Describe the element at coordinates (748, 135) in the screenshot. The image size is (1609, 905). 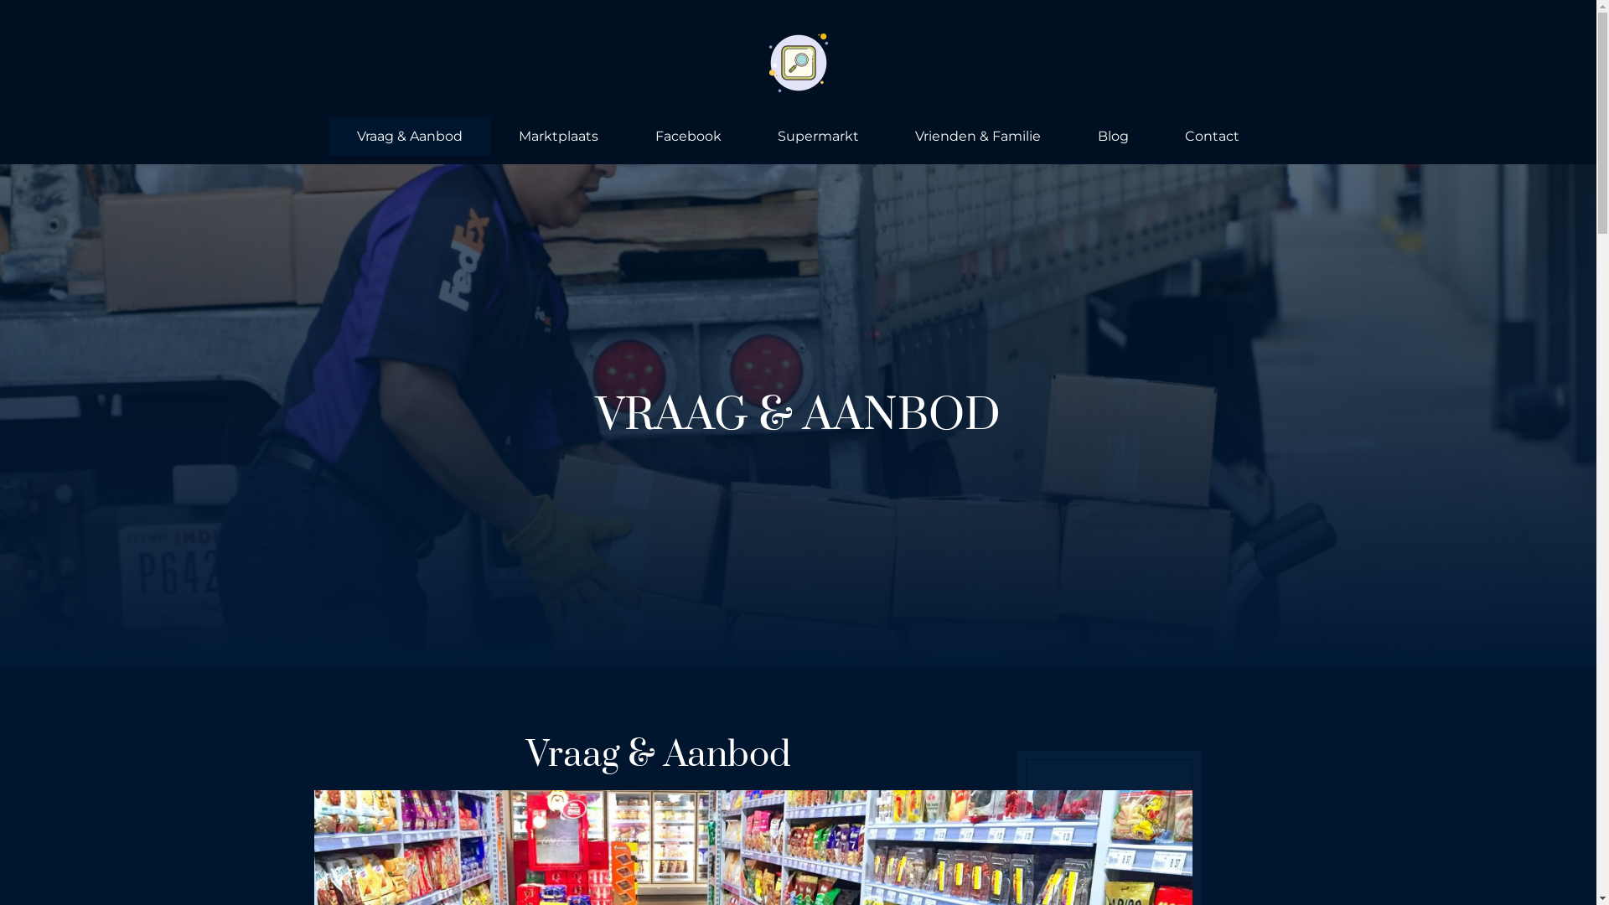
I see `'Supermarkt'` at that location.